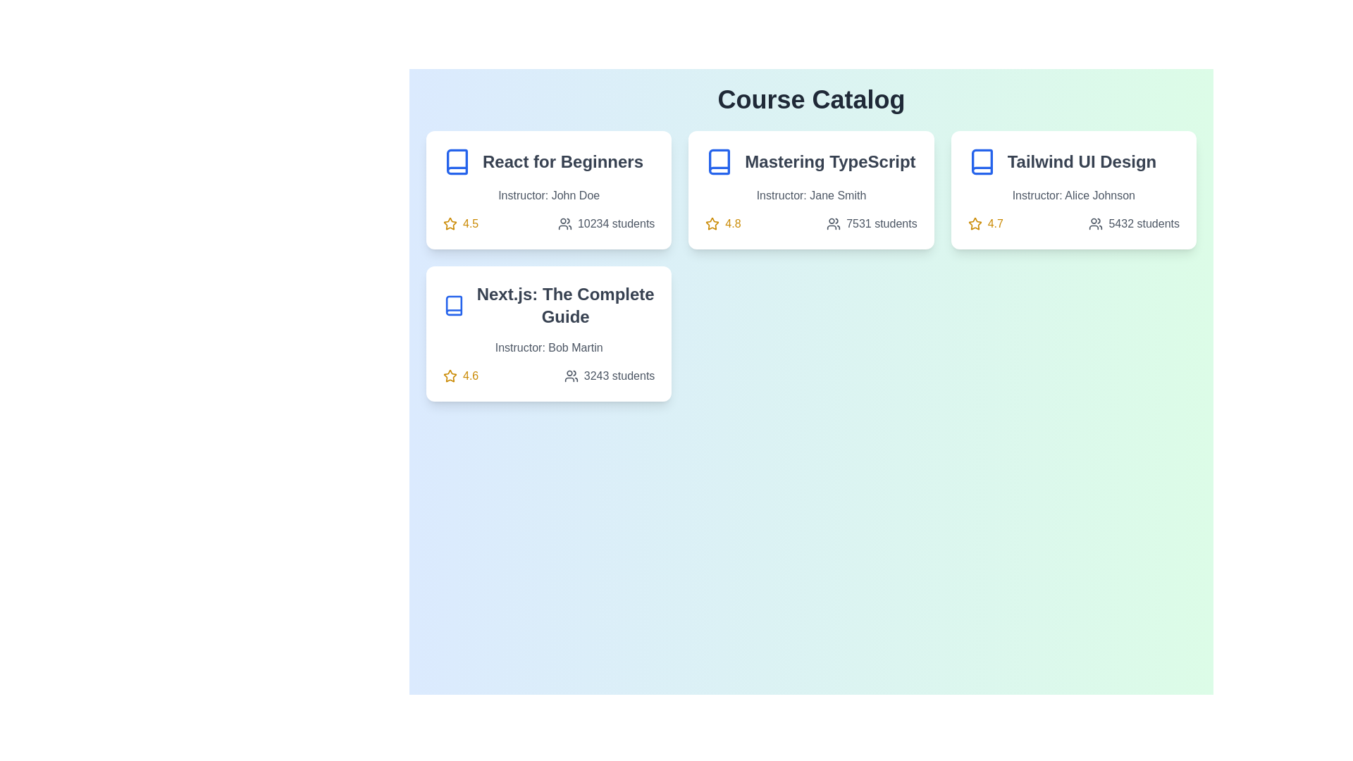 This screenshot has width=1353, height=761. What do you see at coordinates (723, 223) in the screenshot?
I see `the Rating display component, which features a prominent yellow star icon followed by the text '4.8', located in the second card (Mastering TypeScript) of the Course Catalog grid` at bounding box center [723, 223].